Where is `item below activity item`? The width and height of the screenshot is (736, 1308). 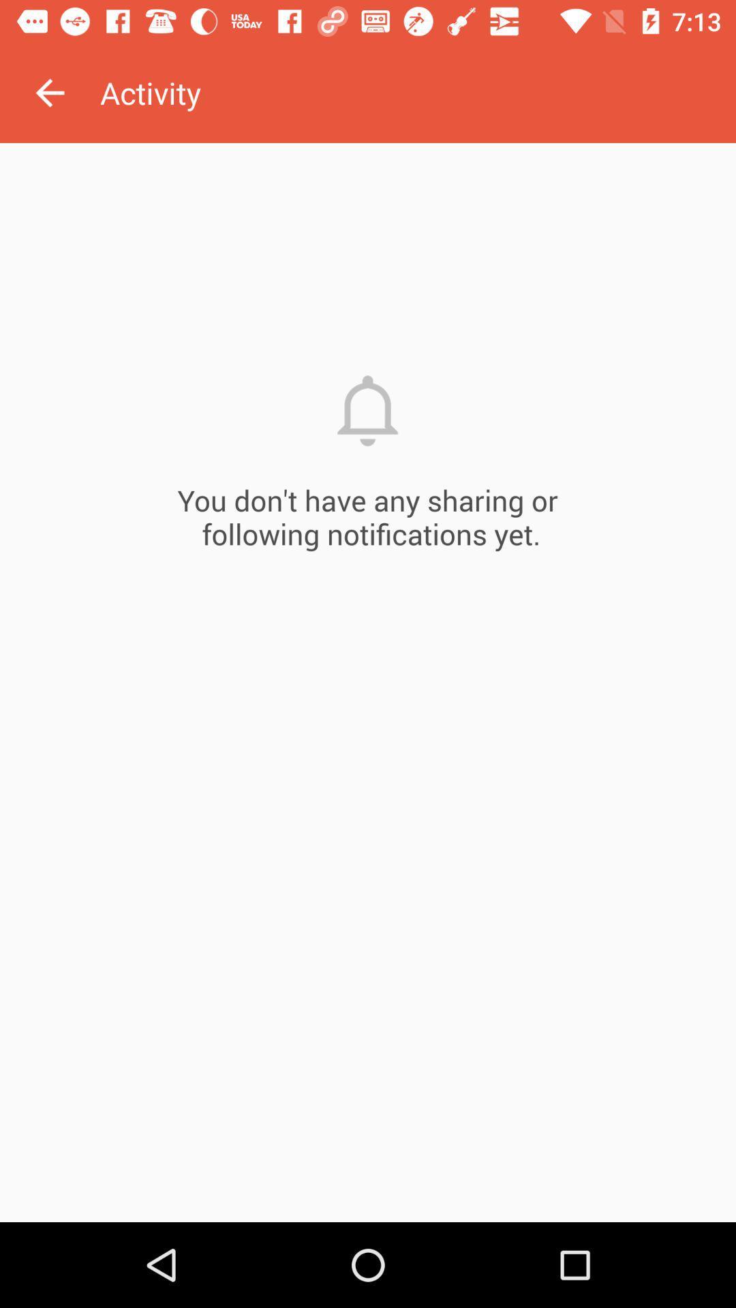
item below activity item is located at coordinates (368, 683).